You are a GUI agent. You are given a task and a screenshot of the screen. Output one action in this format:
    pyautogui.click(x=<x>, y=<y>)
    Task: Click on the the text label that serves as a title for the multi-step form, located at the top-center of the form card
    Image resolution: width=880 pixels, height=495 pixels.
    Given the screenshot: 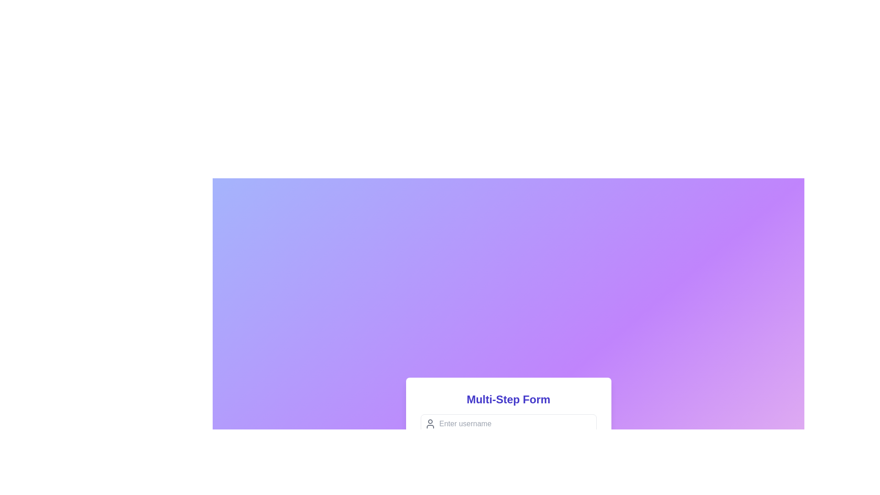 What is the action you would take?
    pyautogui.click(x=508, y=399)
    